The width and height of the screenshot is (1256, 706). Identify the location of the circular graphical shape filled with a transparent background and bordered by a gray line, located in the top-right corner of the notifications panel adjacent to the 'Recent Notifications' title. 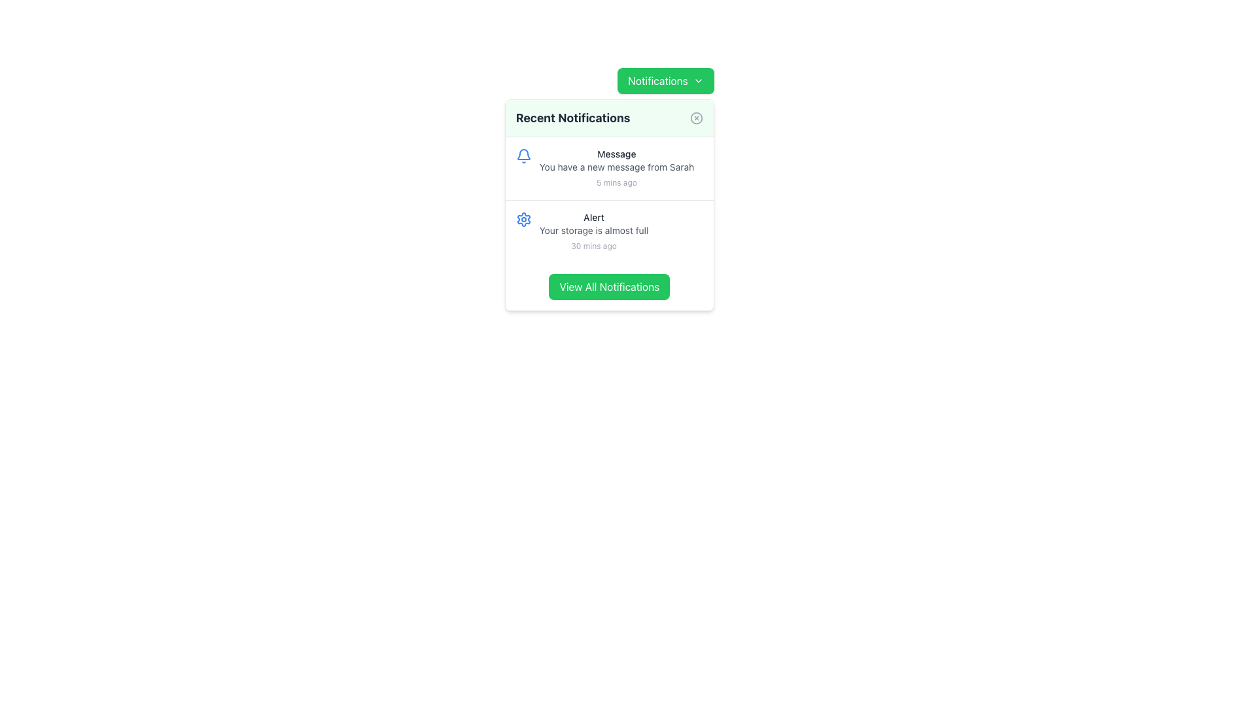
(695, 118).